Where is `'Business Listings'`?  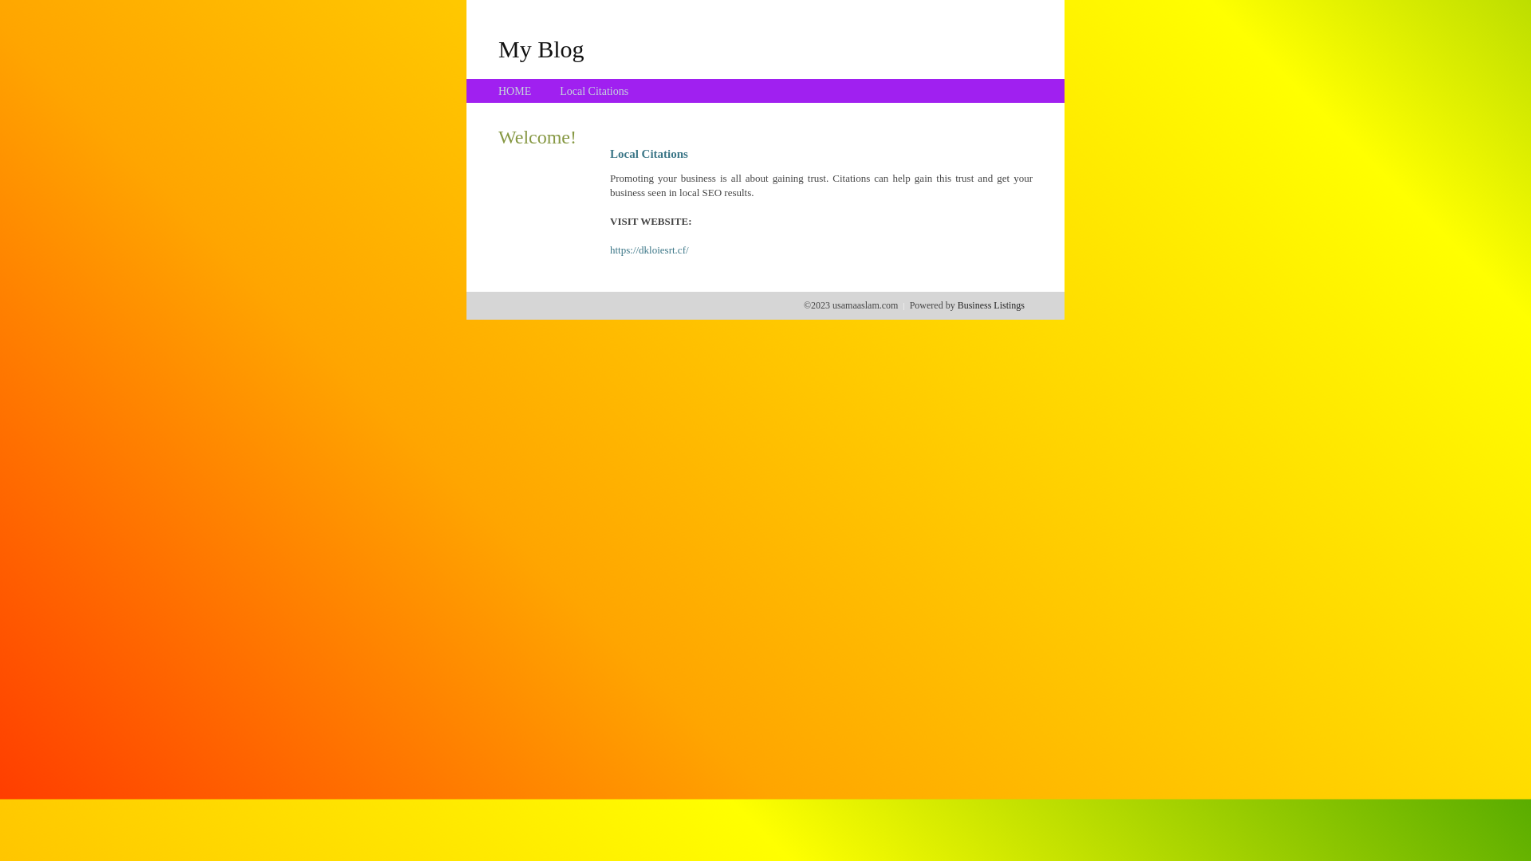
'Business Listings' is located at coordinates (990, 305).